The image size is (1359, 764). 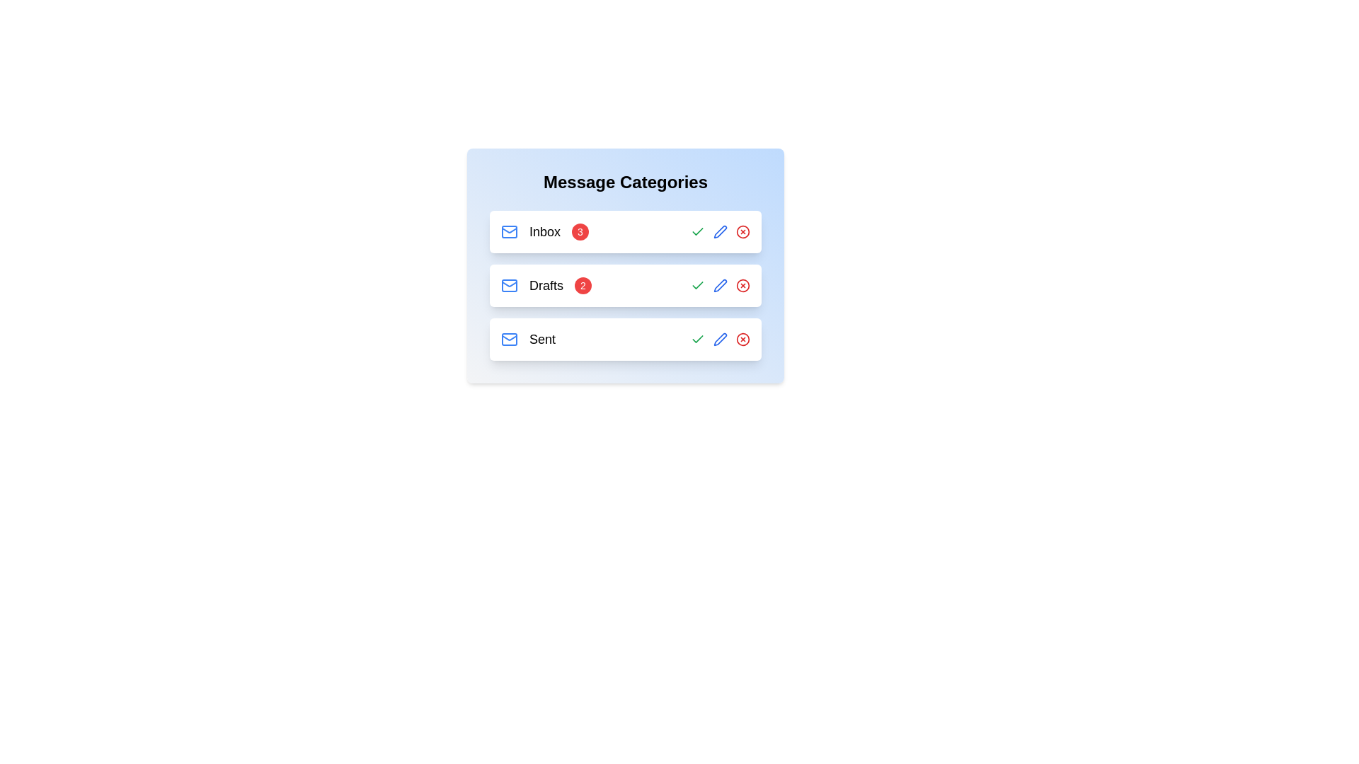 What do you see at coordinates (720, 231) in the screenshot?
I see `the edit button for the category Inbox` at bounding box center [720, 231].